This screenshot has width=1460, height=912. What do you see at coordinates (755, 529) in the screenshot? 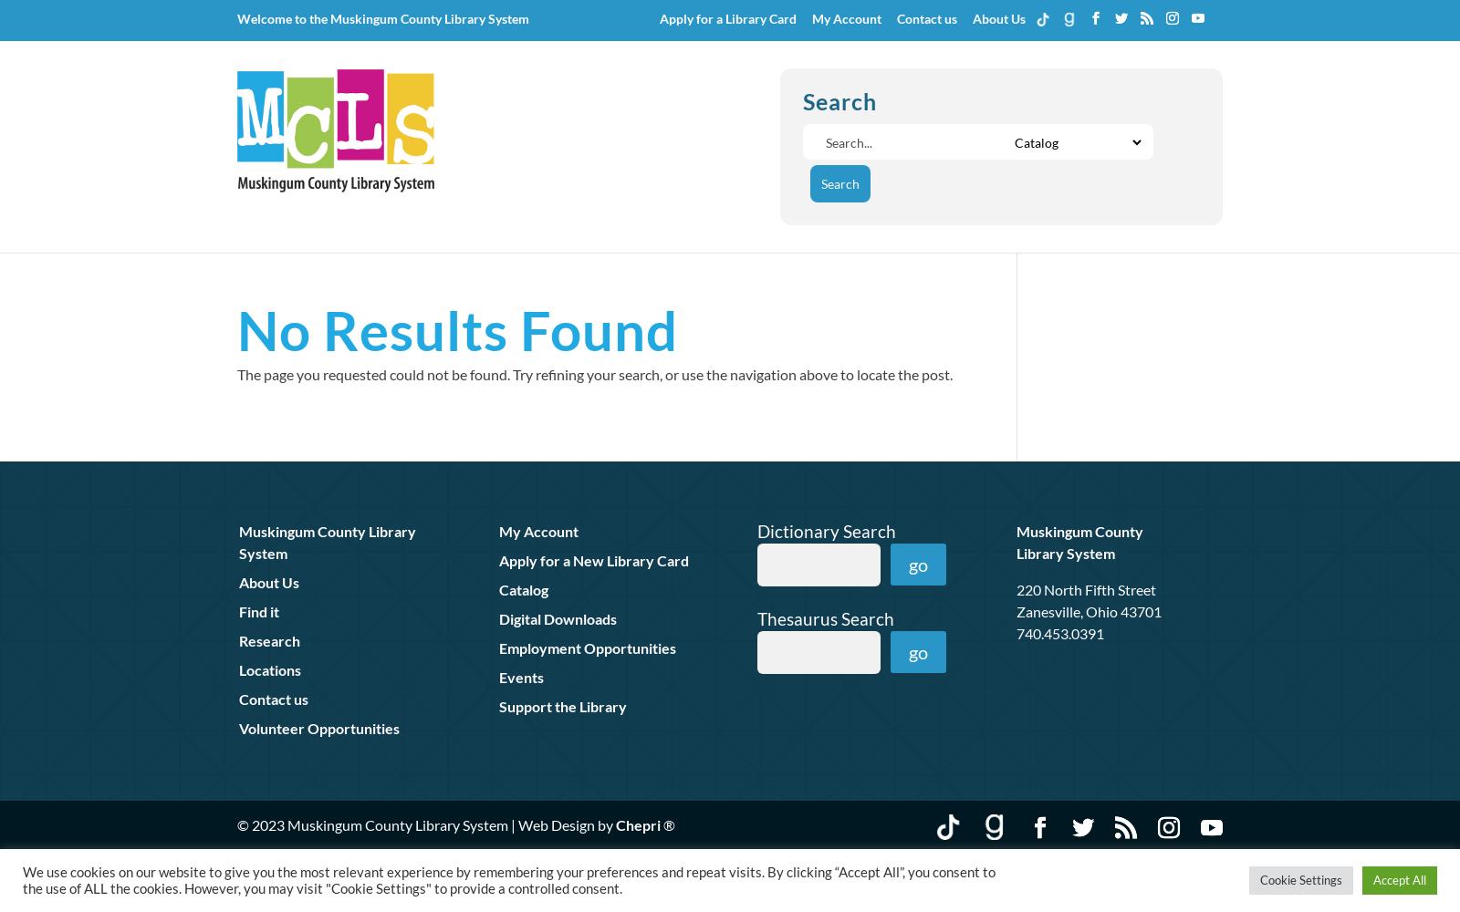
I see `'Dictionary Search'` at bounding box center [755, 529].